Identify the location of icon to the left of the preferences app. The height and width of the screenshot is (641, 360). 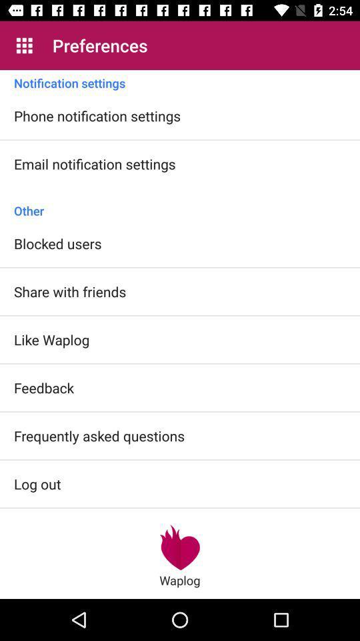
(24, 45).